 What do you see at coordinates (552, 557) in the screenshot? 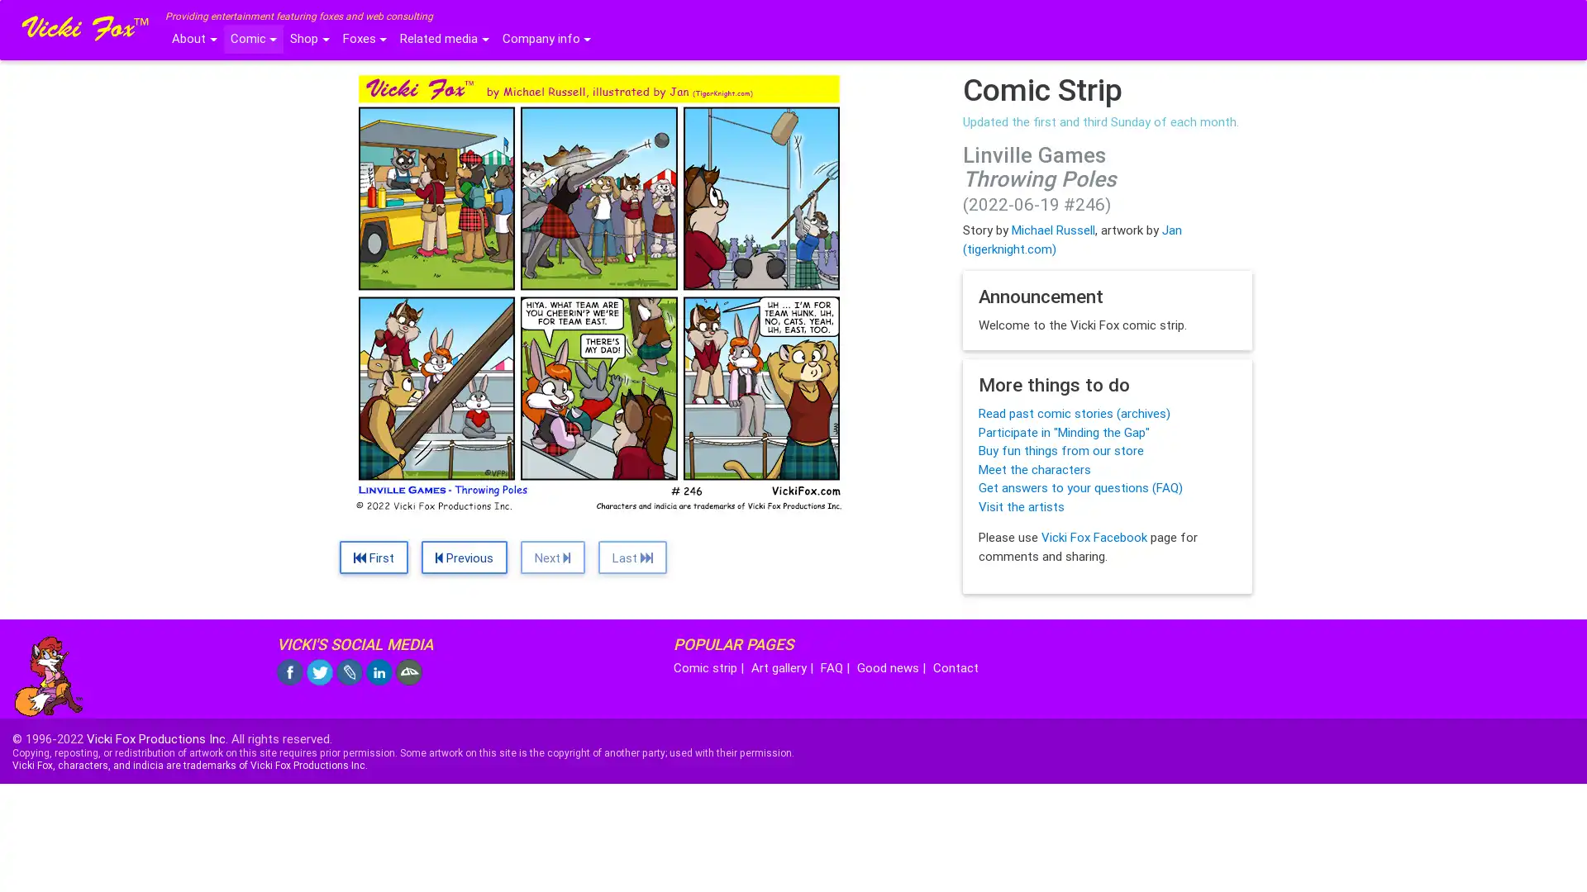
I see `Next` at bounding box center [552, 557].